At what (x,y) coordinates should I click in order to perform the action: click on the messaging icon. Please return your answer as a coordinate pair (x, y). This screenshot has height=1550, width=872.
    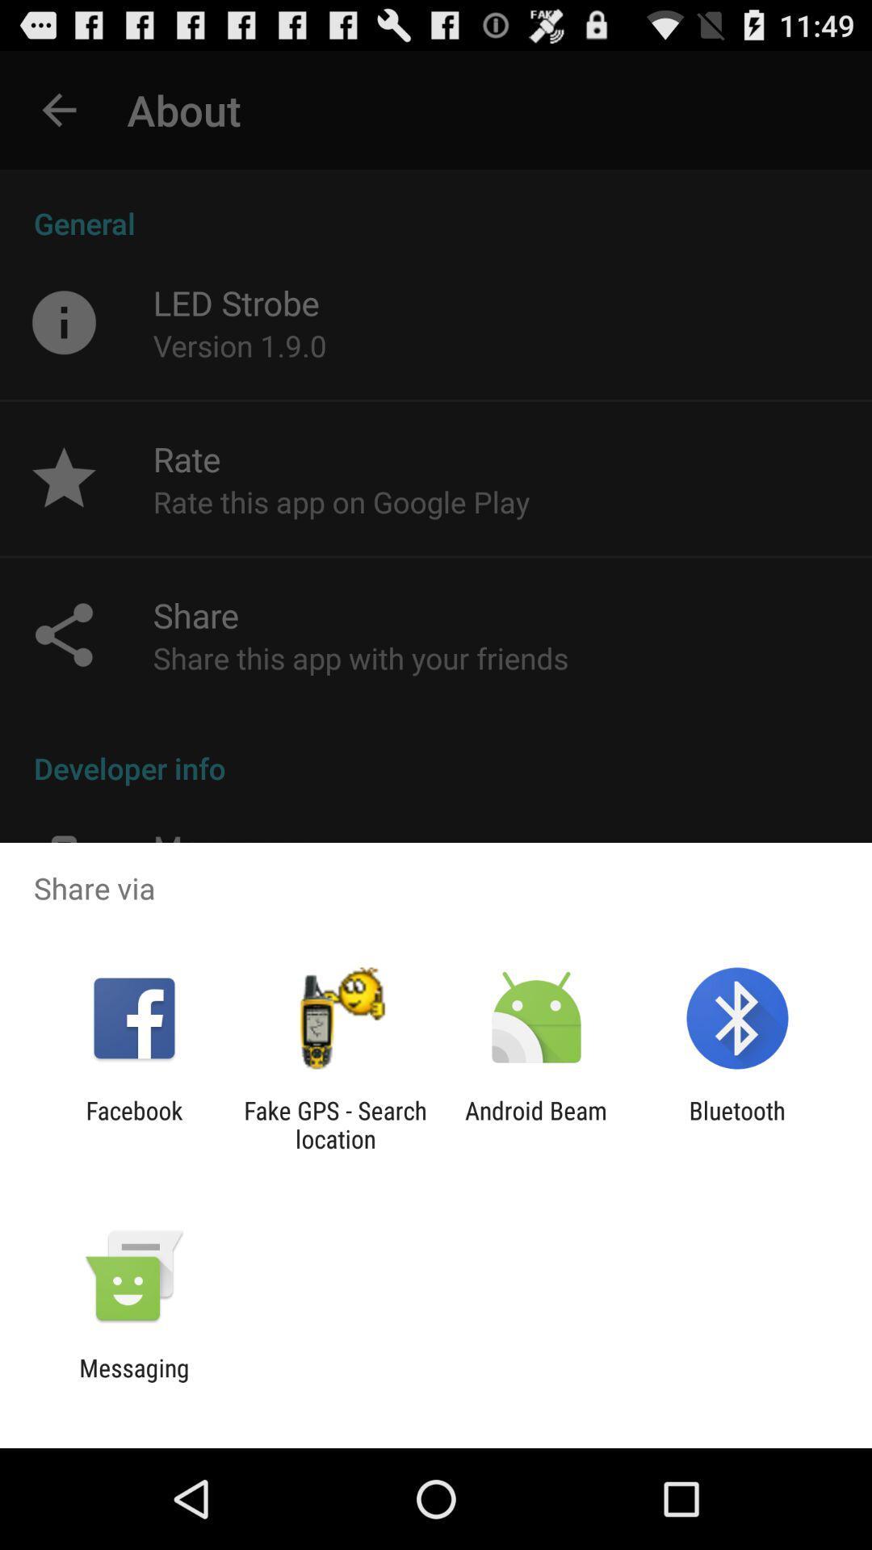
    Looking at the image, I should click on (133, 1381).